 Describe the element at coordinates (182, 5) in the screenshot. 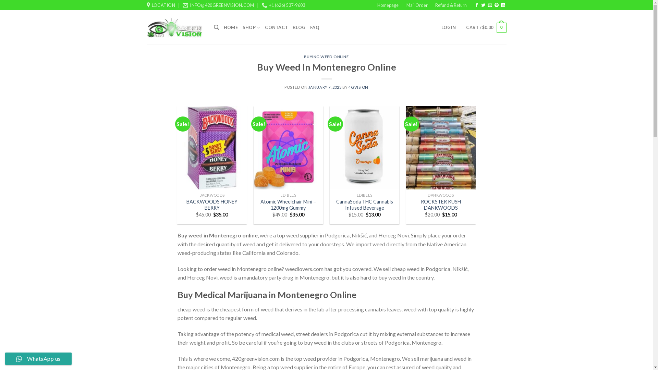

I see `'INFO@420GREENVISION.COM'` at that location.